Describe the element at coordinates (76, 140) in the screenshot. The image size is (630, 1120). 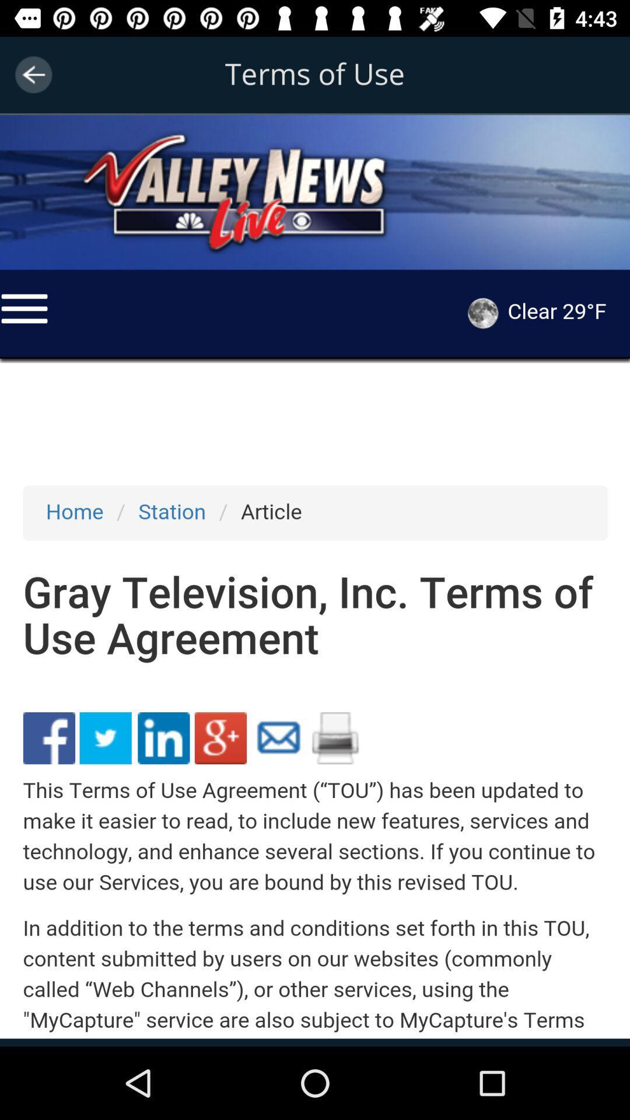
I see `the star icon` at that location.